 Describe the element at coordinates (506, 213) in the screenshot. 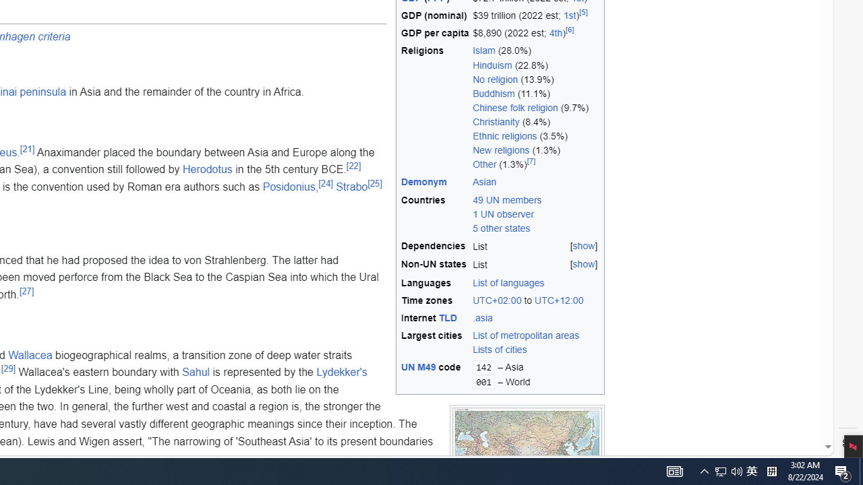

I see `'49 UN members 1 UN observer 5 other states'` at that location.